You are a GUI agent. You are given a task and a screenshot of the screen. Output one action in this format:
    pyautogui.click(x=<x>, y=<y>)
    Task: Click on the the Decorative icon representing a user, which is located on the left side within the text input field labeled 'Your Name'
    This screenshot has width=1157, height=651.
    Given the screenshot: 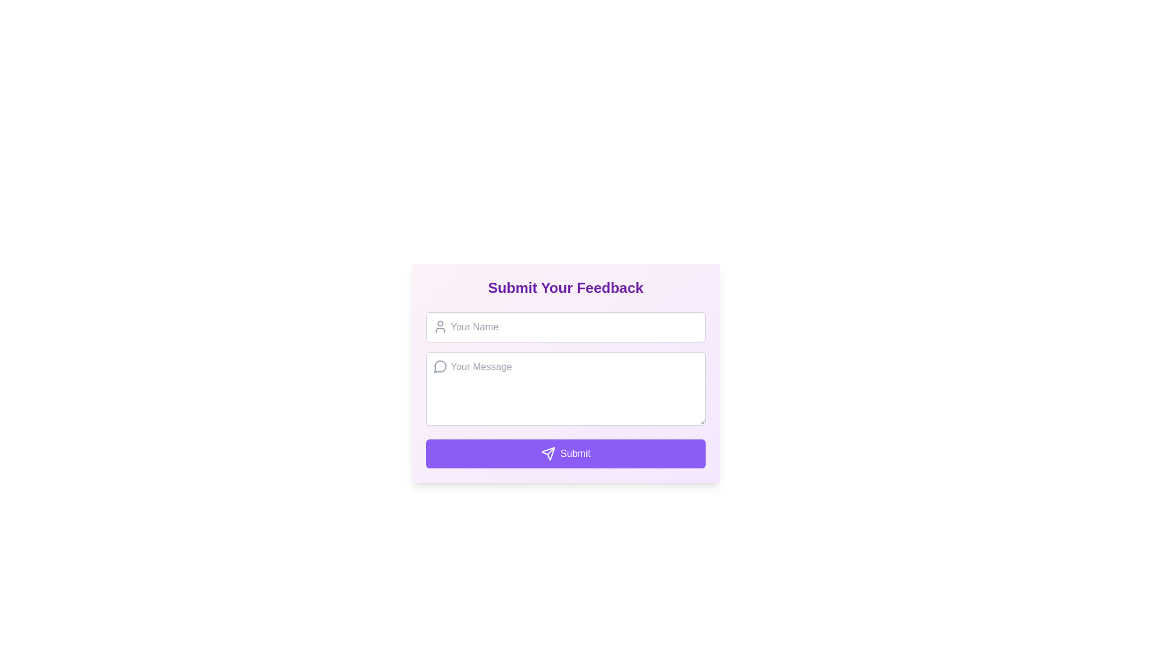 What is the action you would take?
    pyautogui.click(x=439, y=327)
    